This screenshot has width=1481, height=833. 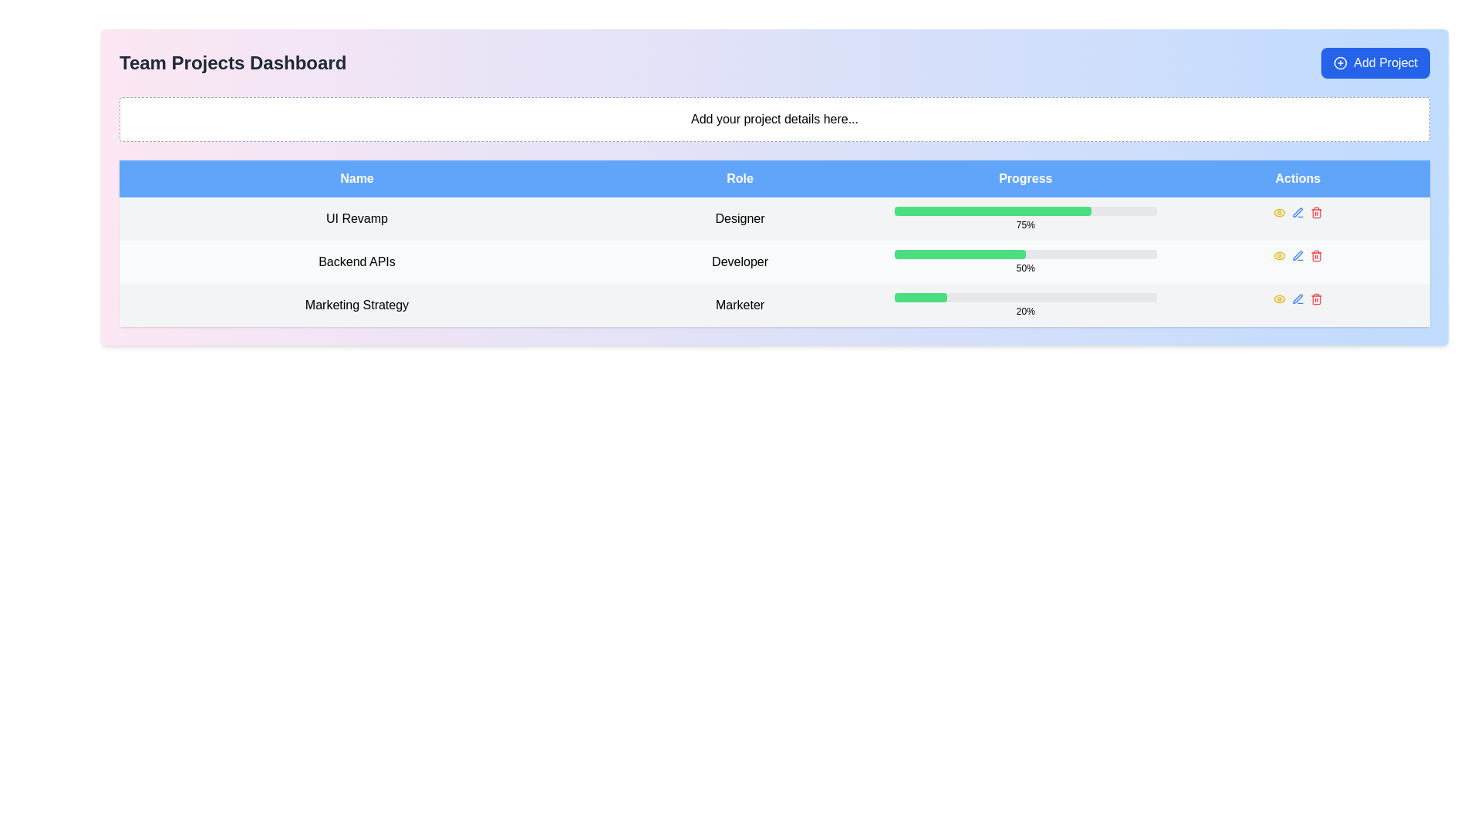 What do you see at coordinates (1025, 219) in the screenshot?
I see `the Progress Bar with Label that indicates 75% completion for the Designer role under the 'Progress' column` at bounding box center [1025, 219].